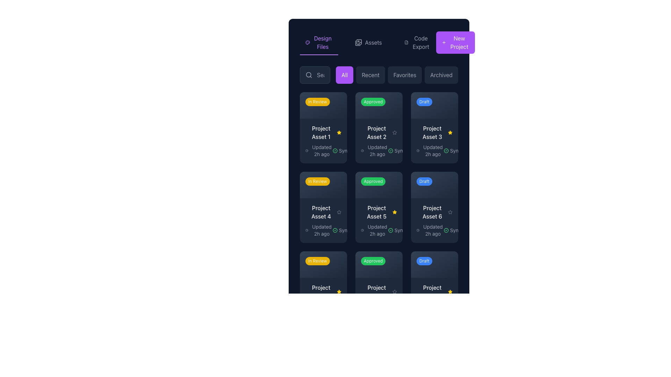 This screenshot has height=377, width=671. What do you see at coordinates (430, 150) in the screenshot?
I see `the static text label indicating the last update time for 'Project Asset 3', which is located at the bottom of the project card and positioned to the left of the 'Synced' label` at bounding box center [430, 150].